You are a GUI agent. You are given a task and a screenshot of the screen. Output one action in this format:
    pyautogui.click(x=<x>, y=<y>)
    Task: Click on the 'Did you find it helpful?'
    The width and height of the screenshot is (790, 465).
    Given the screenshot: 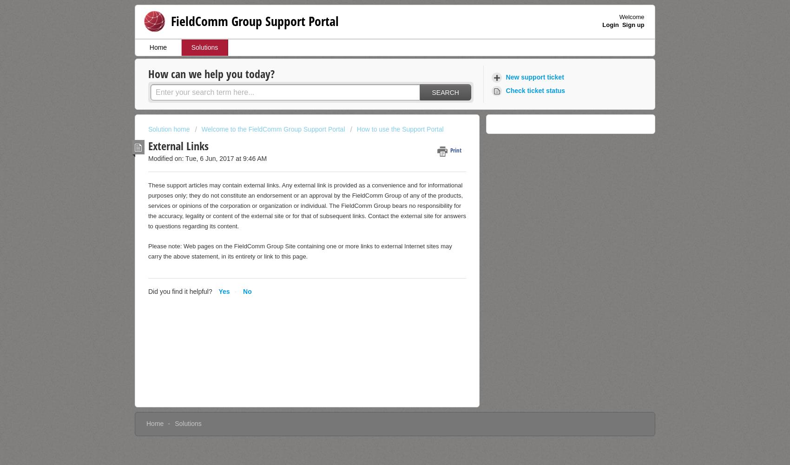 What is the action you would take?
    pyautogui.click(x=179, y=291)
    